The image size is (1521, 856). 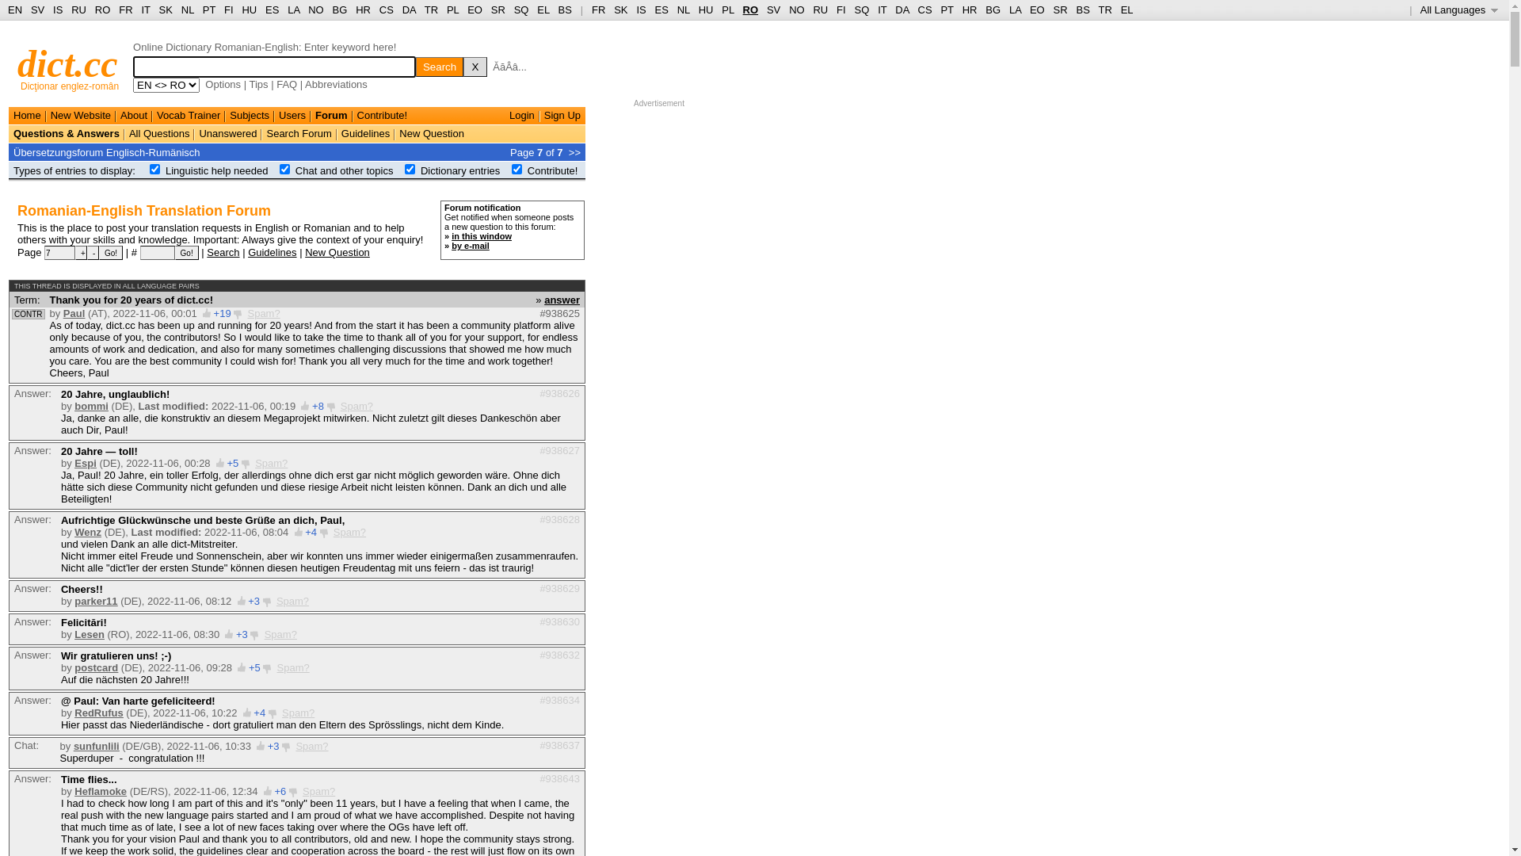 What do you see at coordinates (215, 170) in the screenshot?
I see `'Linguistic help needed'` at bounding box center [215, 170].